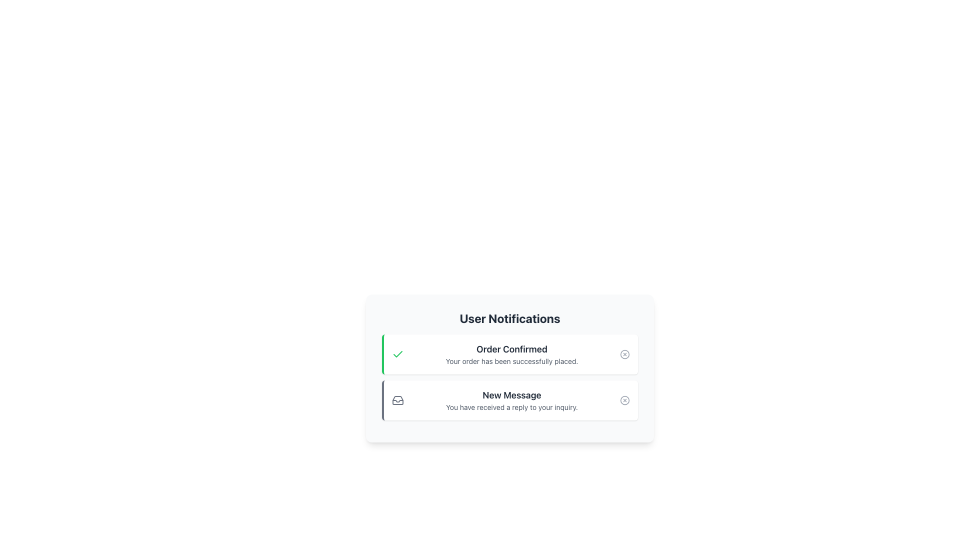  I want to click on the informational text block regarding a new message in the 'User Notifications' section, located below 'Order Confirmed', so click(511, 400).